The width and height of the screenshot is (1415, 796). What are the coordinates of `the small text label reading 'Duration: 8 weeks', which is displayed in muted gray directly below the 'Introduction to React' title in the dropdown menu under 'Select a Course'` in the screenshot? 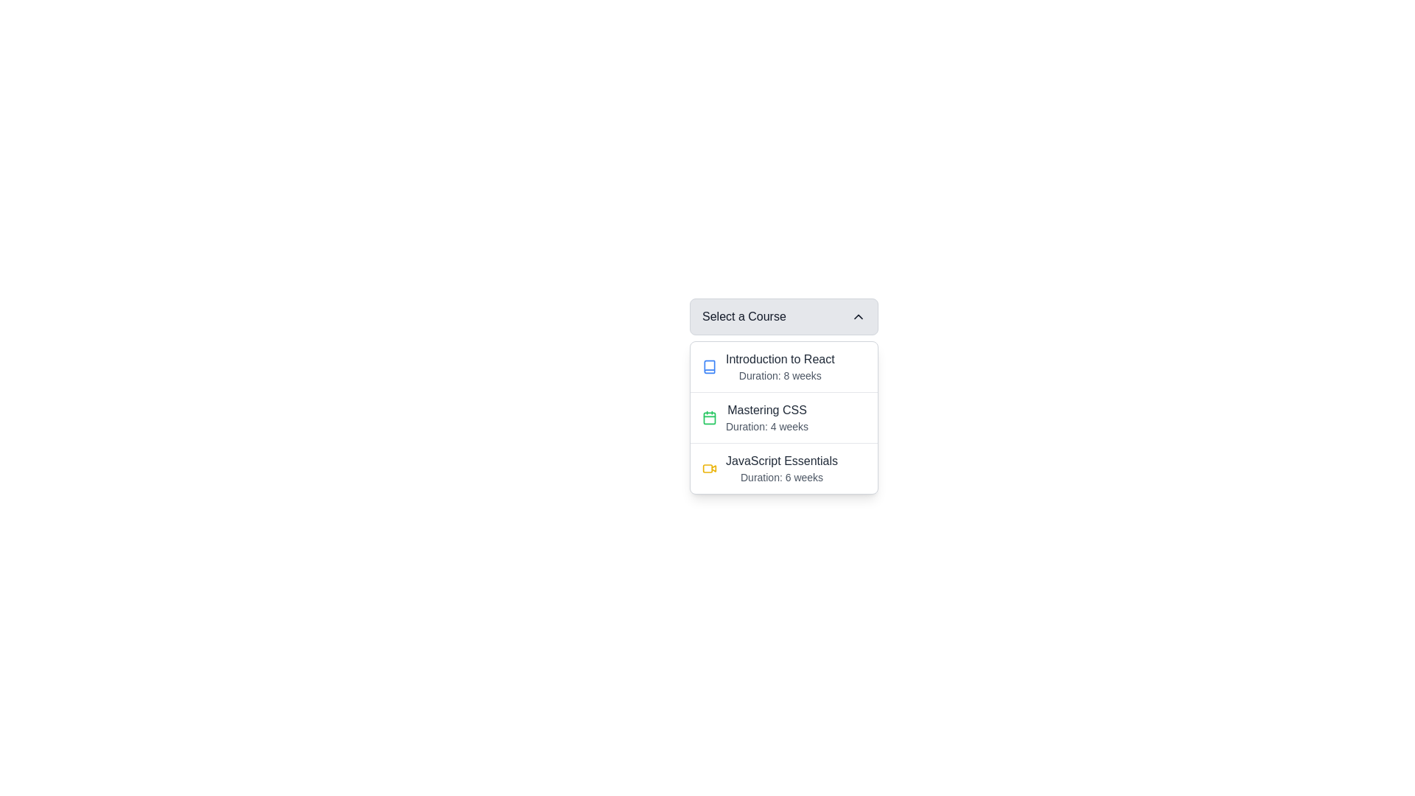 It's located at (779, 374).